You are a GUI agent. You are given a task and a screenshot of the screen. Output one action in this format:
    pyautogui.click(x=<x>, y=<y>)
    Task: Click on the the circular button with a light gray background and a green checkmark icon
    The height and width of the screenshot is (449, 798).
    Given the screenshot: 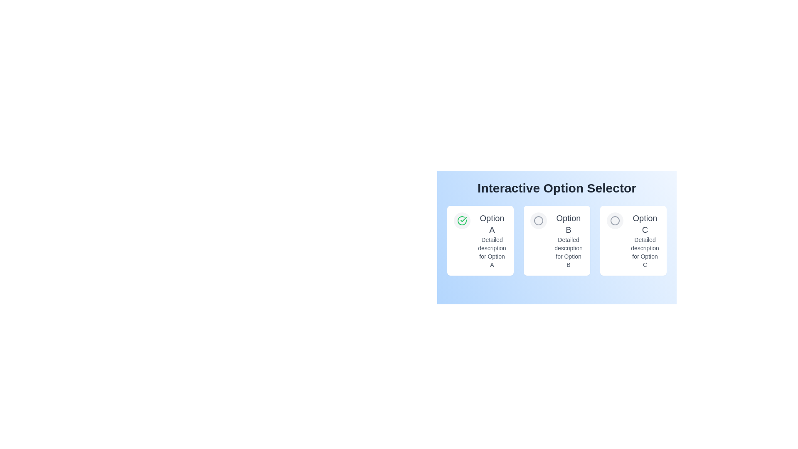 What is the action you would take?
    pyautogui.click(x=462, y=220)
    